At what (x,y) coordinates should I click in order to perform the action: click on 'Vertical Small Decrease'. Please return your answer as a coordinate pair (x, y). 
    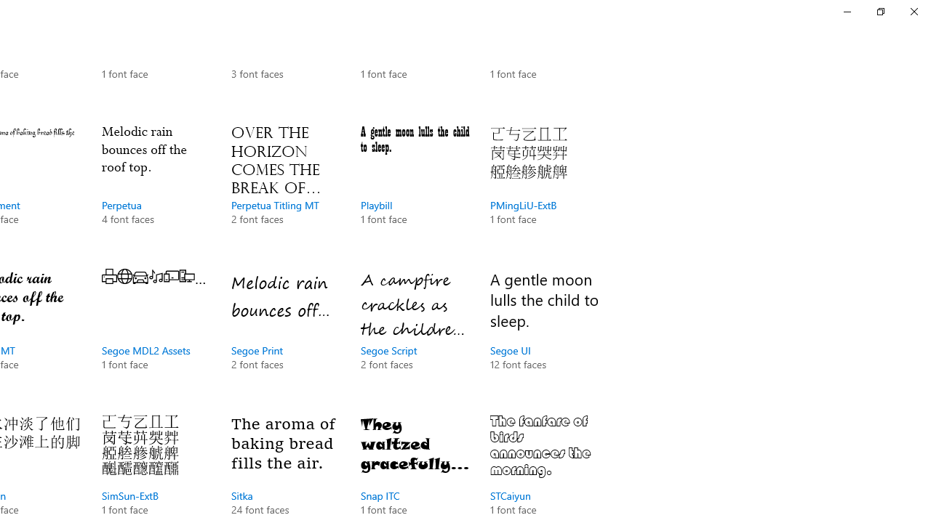
    Looking at the image, I should click on (924, 76).